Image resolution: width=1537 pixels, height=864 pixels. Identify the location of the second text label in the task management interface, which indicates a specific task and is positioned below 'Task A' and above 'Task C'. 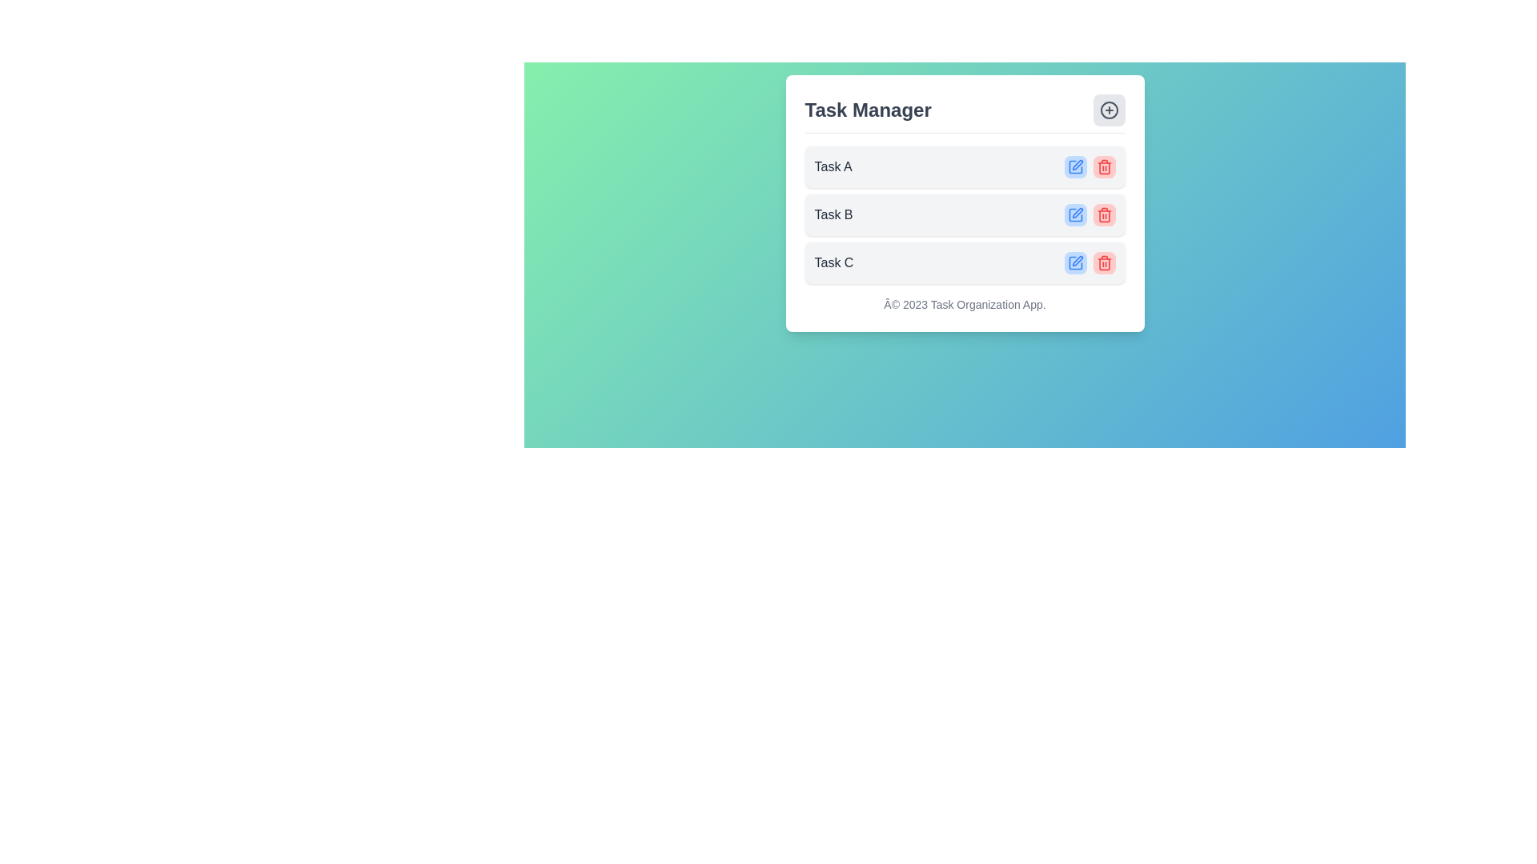
(833, 214).